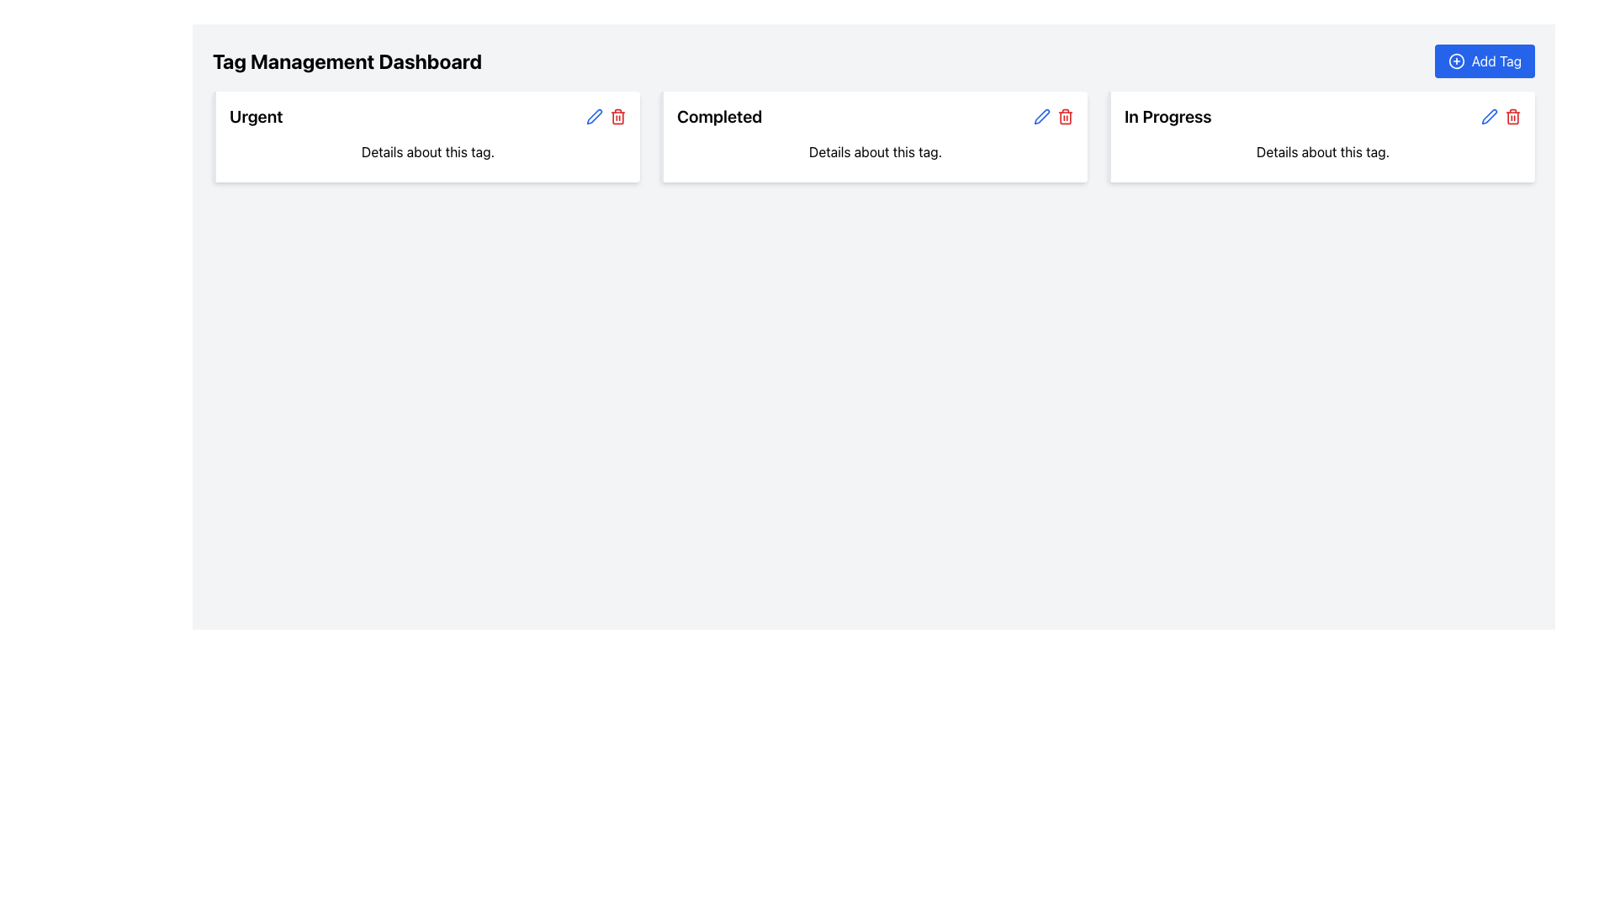  I want to click on the blue pen icon button located in the 'Completed' section of the dashboard, so click(1040, 115).